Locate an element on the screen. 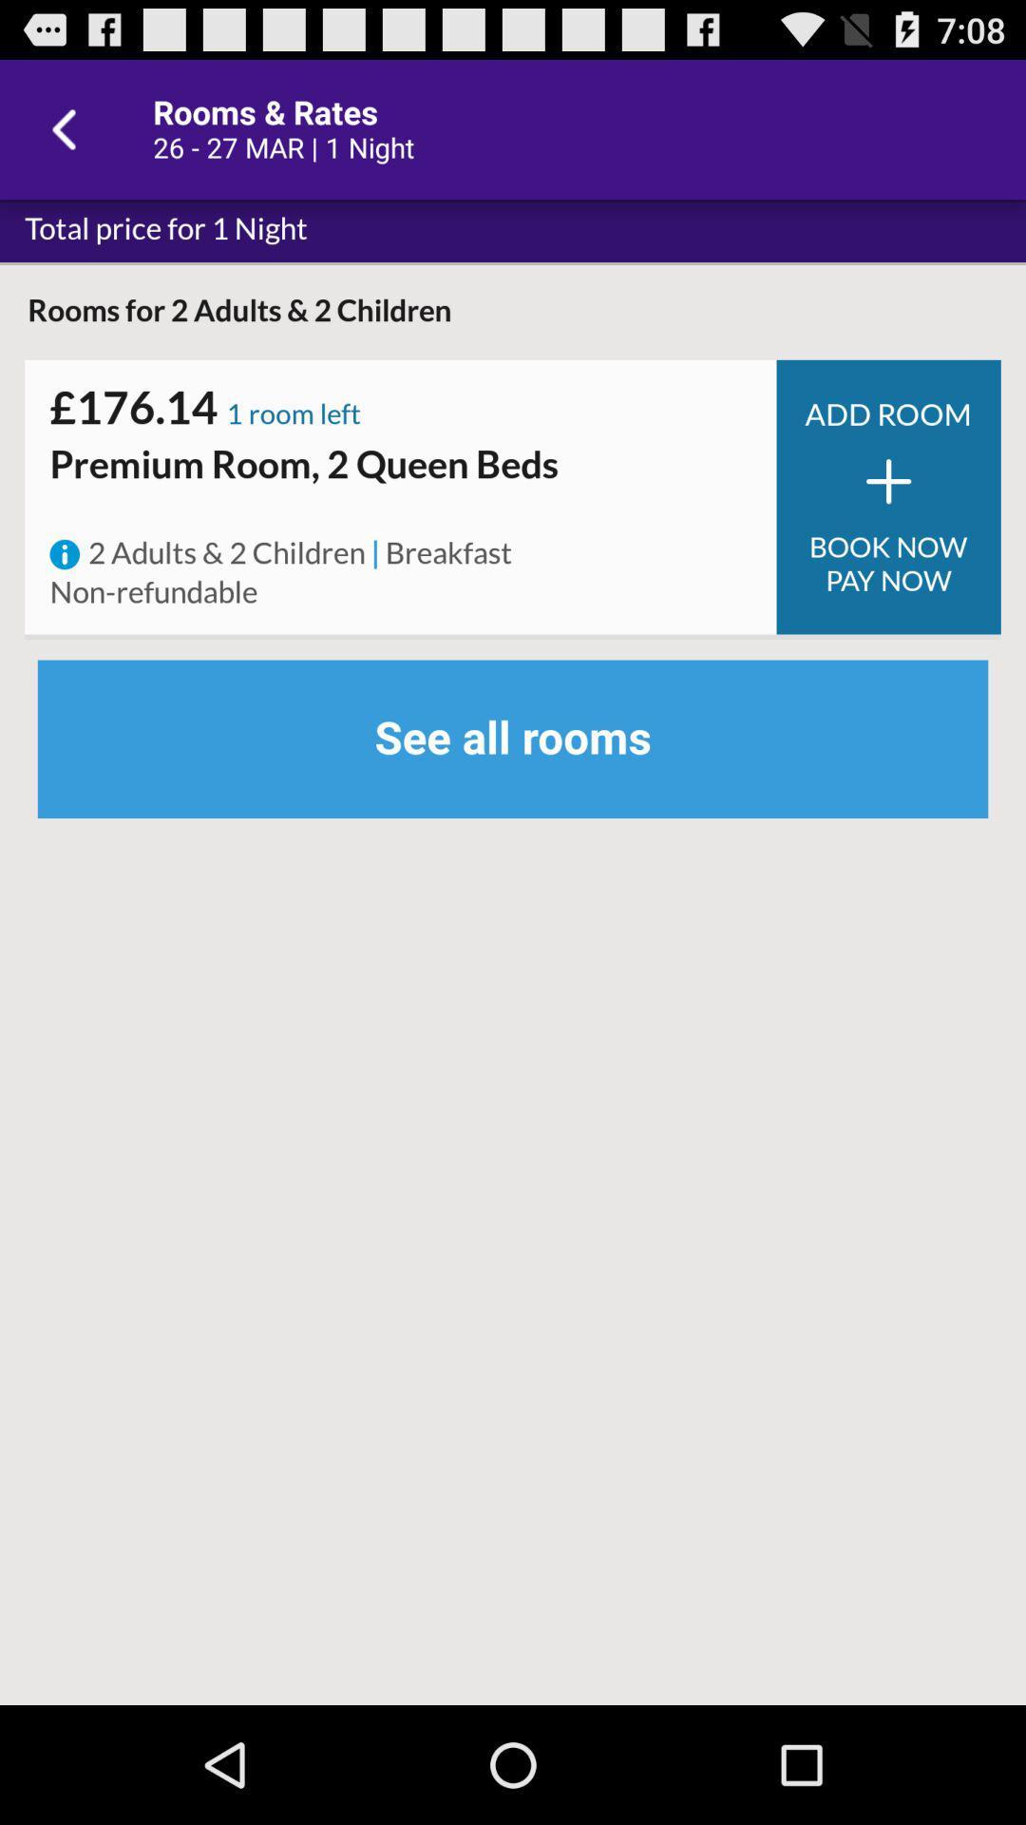 The image size is (1026, 1825). icon to the left of the 1 room left is located at coordinates (133, 406).